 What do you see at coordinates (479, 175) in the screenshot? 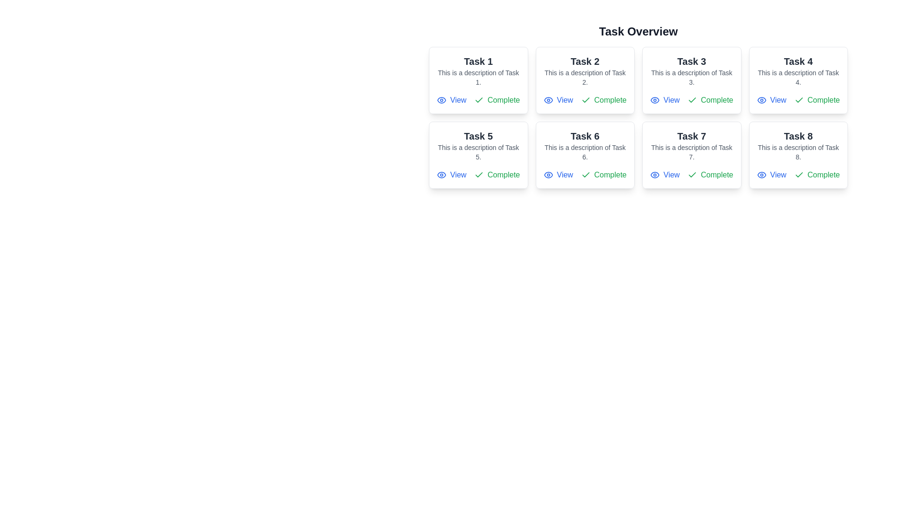
I see `the 'Complete' button containing the SVG icon for marking 'Task 5' as complete, located in the second action item of the task management interface` at bounding box center [479, 175].